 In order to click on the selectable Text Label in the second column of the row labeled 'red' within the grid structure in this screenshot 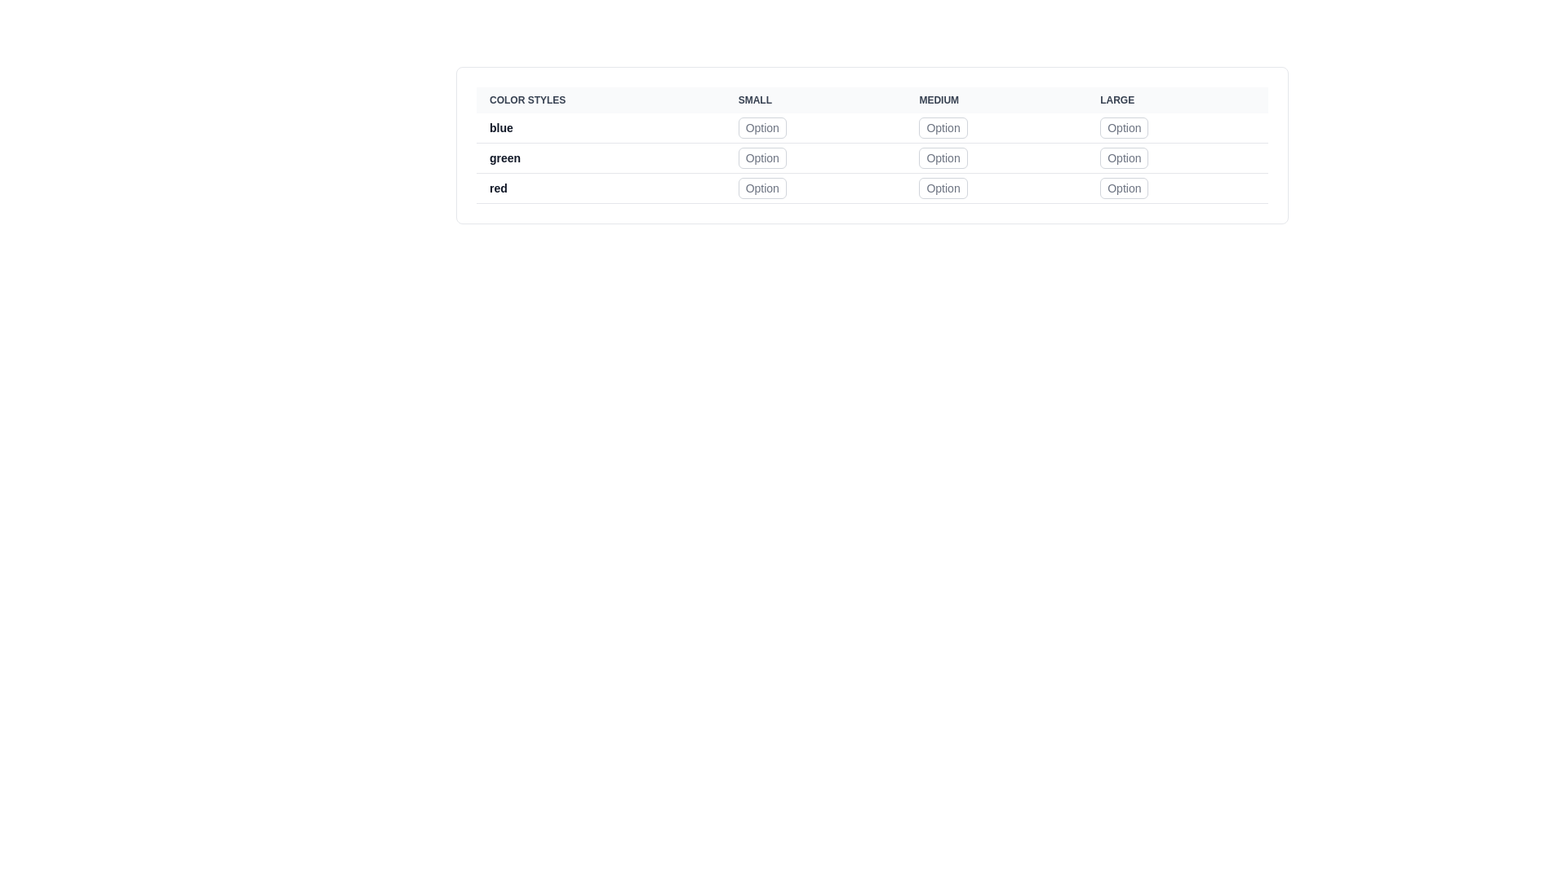, I will do `click(815, 188)`.